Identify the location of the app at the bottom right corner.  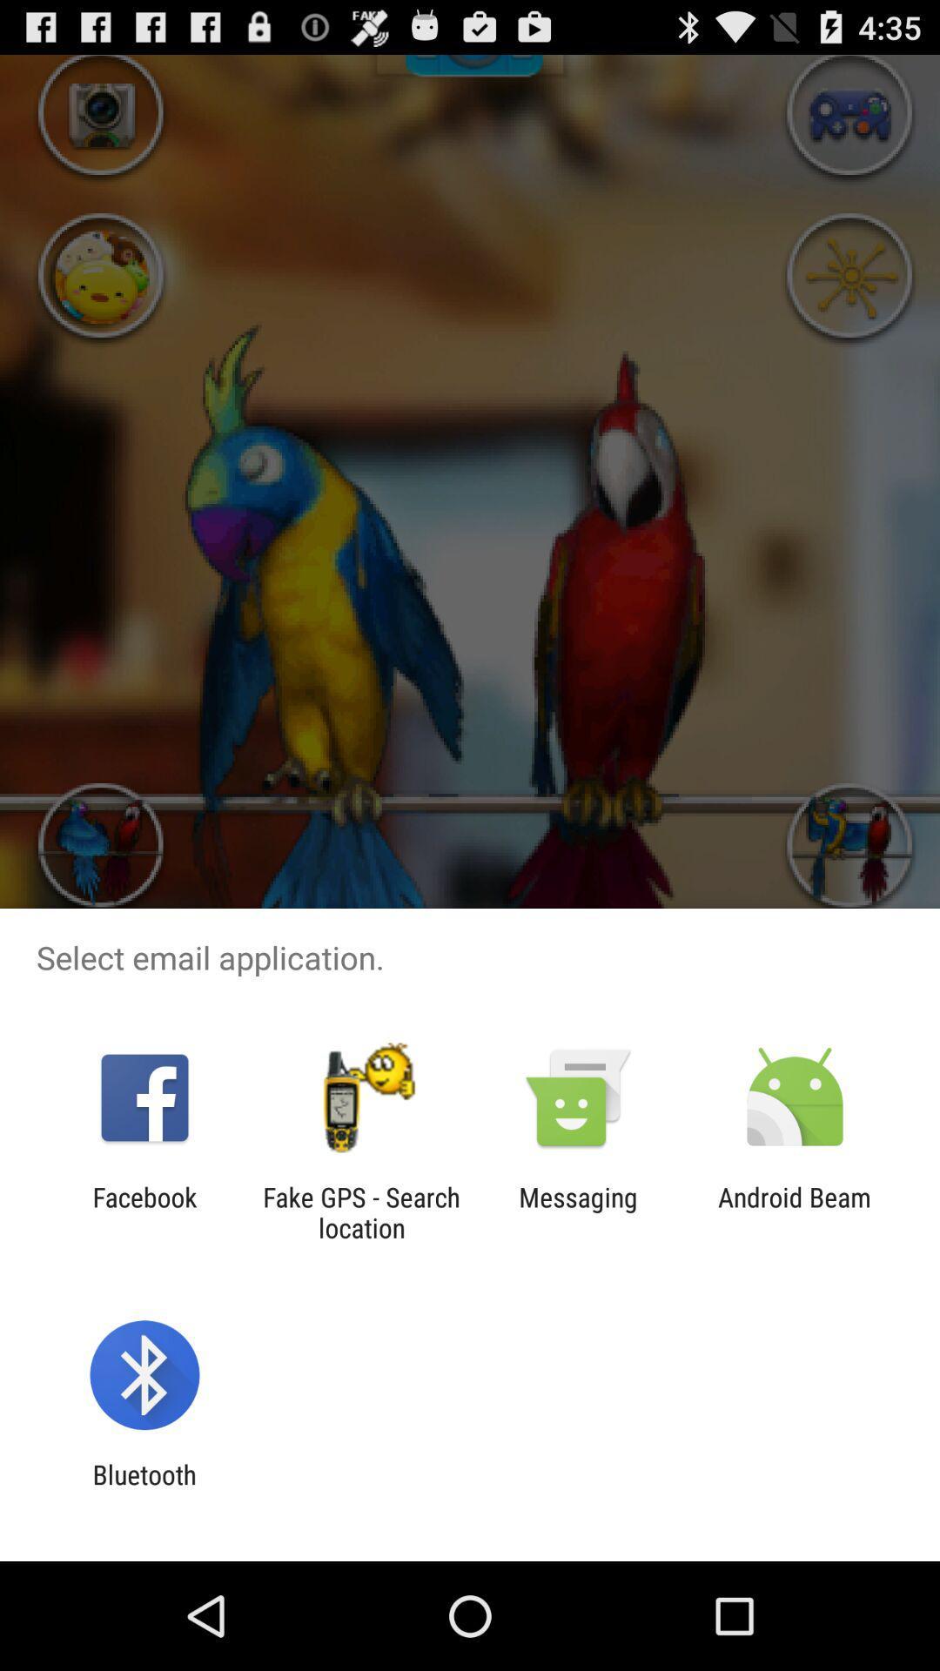
(795, 1211).